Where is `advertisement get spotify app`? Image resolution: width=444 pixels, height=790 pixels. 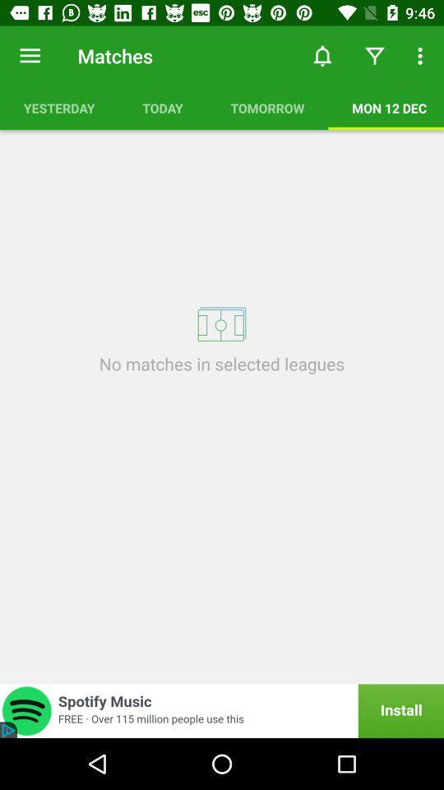 advertisement get spotify app is located at coordinates (222, 710).